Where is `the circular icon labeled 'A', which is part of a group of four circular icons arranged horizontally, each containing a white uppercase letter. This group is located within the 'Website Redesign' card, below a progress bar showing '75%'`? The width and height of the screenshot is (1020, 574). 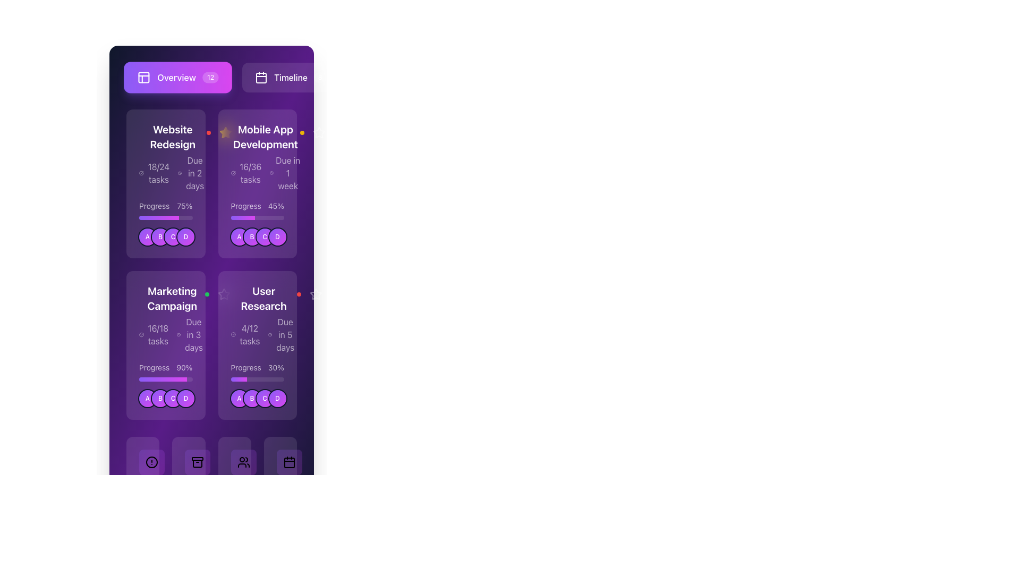 the circular icon labeled 'A', which is part of a group of four circular icons arranged horizontally, each containing a white uppercase letter. This group is located within the 'Website Redesign' card, below a progress bar showing '75%' is located at coordinates (165, 237).